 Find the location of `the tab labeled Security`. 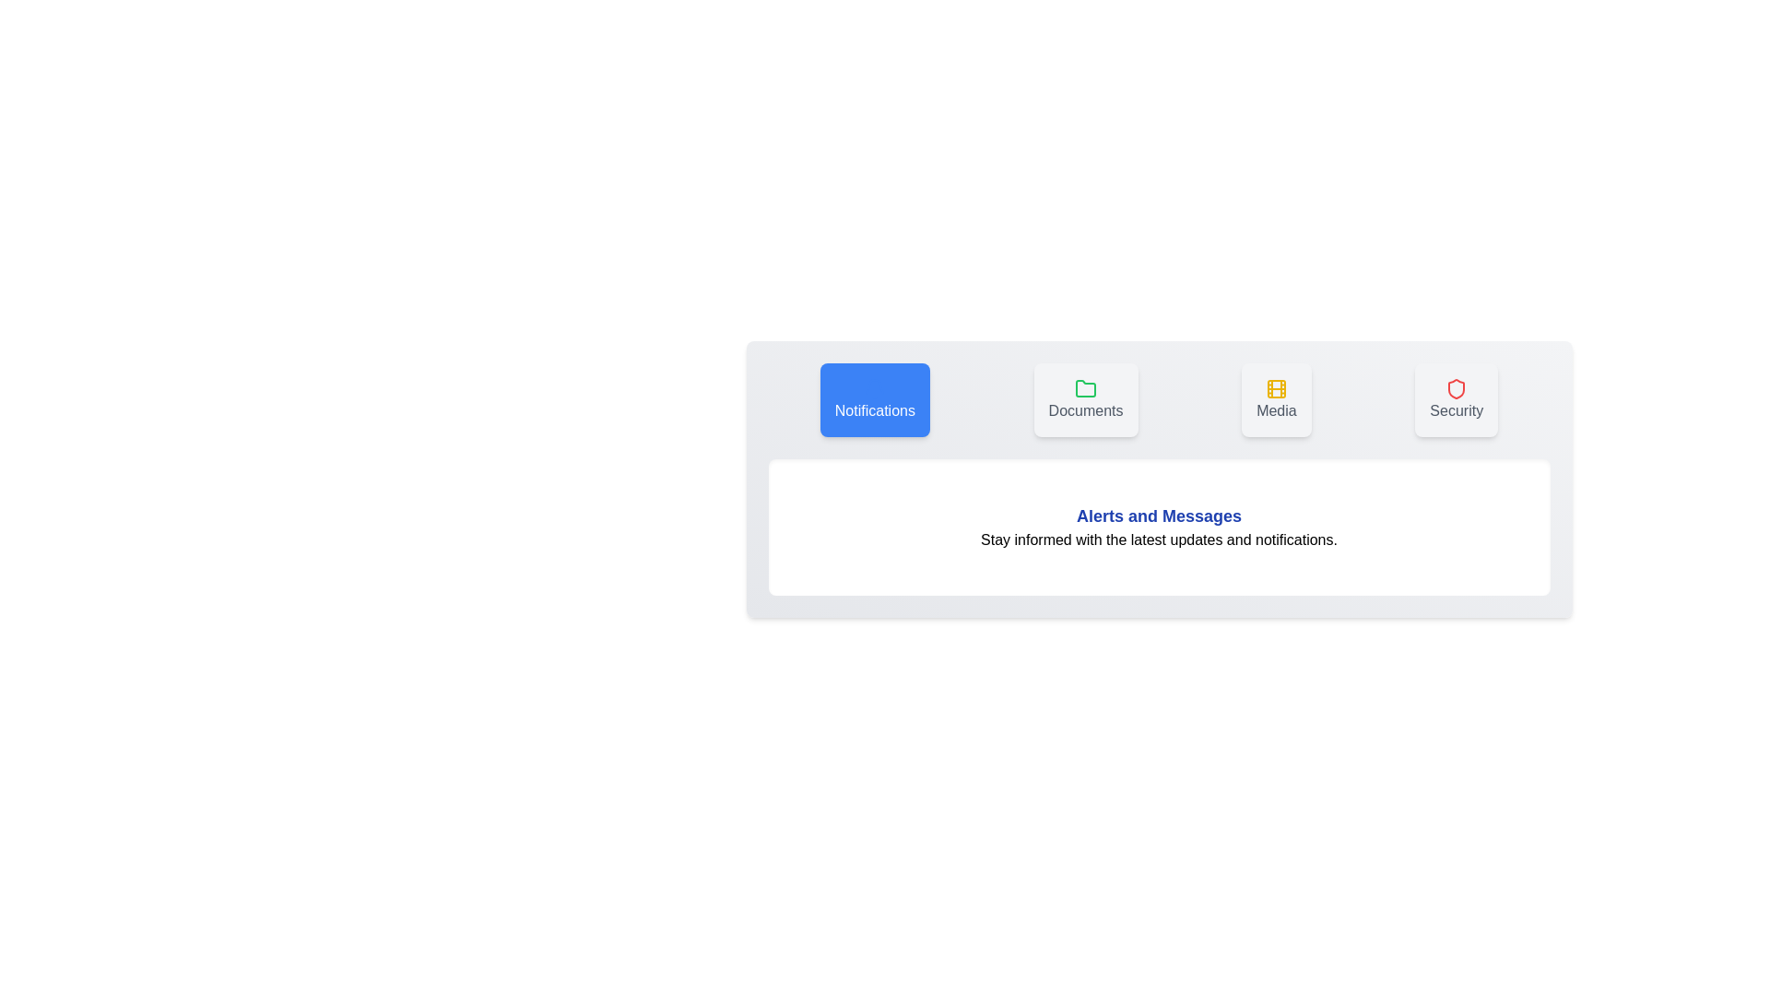

the tab labeled Security is located at coordinates (1456, 399).